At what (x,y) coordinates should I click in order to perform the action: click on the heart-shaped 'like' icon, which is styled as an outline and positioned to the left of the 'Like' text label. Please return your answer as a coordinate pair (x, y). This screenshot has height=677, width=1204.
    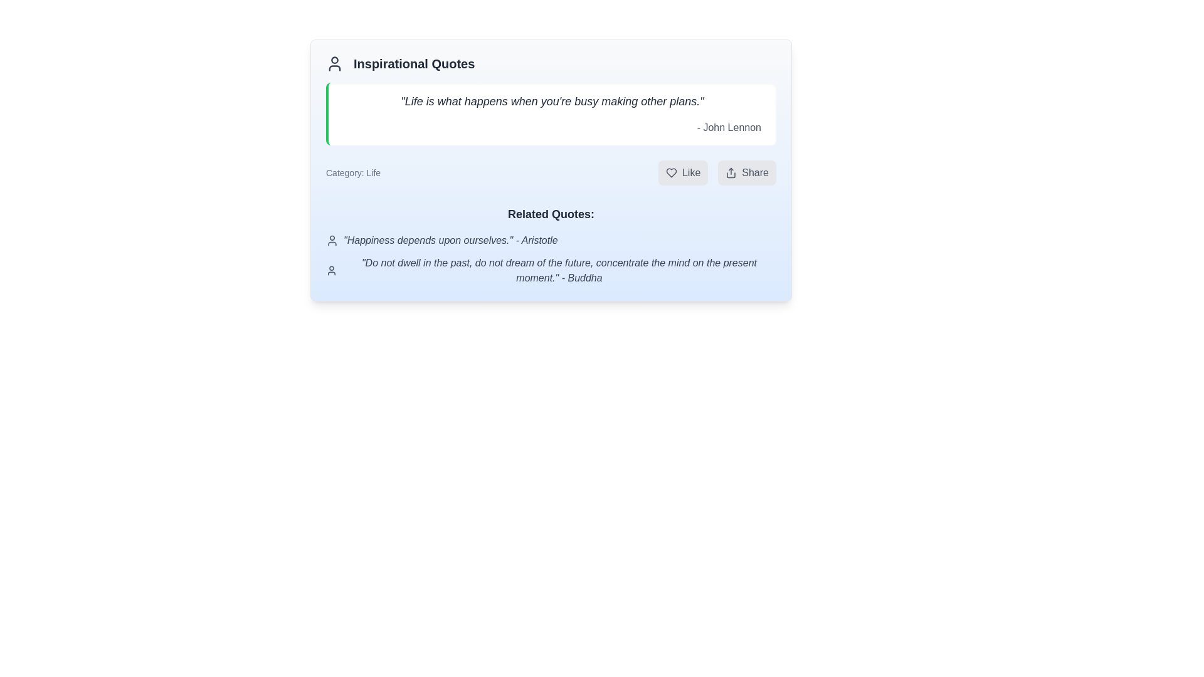
    Looking at the image, I should click on (670, 173).